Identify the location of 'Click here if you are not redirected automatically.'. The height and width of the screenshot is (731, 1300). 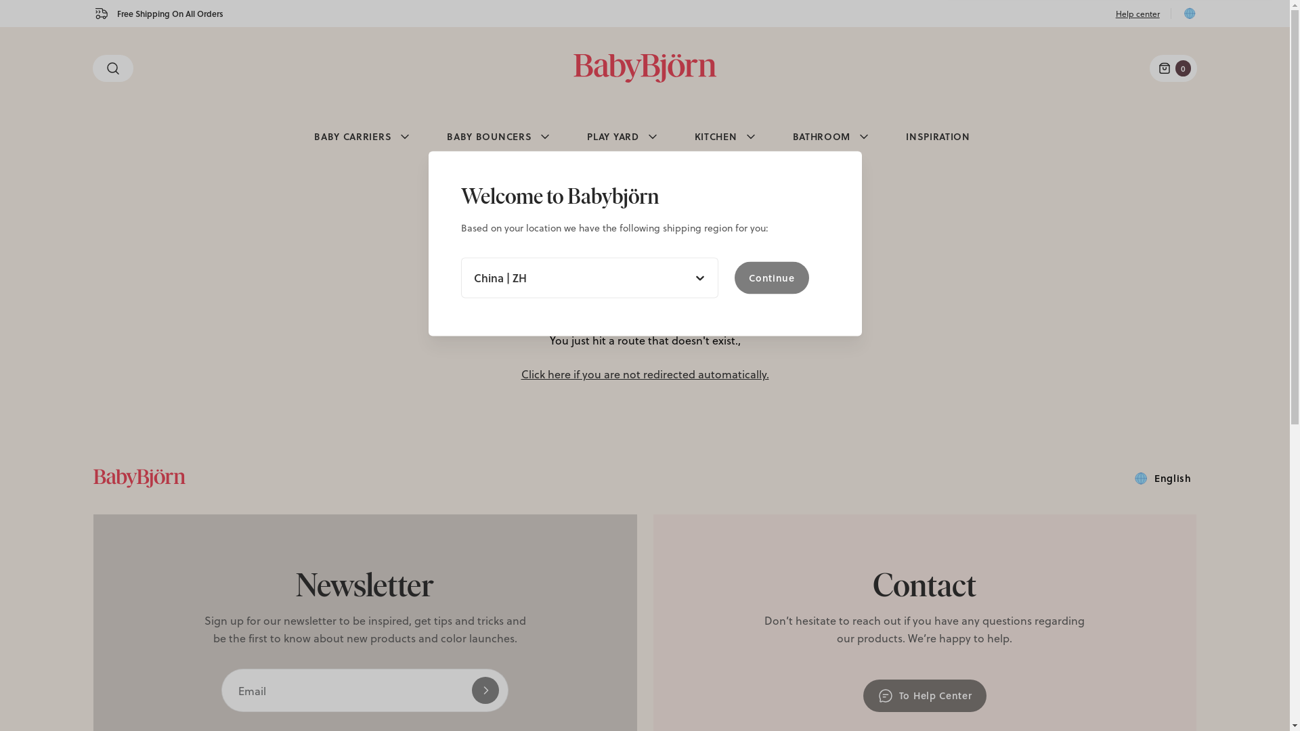
(643, 374).